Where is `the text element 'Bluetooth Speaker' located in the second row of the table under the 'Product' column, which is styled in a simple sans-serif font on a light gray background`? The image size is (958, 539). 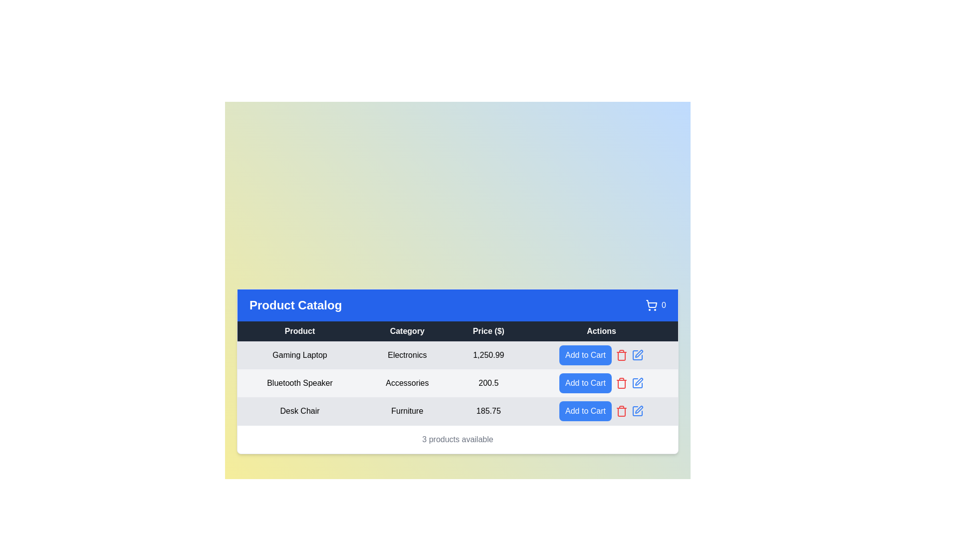 the text element 'Bluetooth Speaker' located in the second row of the table under the 'Product' column, which is styled in a simple sans-serif font on a light gray background is located at coordinates (299, 382).